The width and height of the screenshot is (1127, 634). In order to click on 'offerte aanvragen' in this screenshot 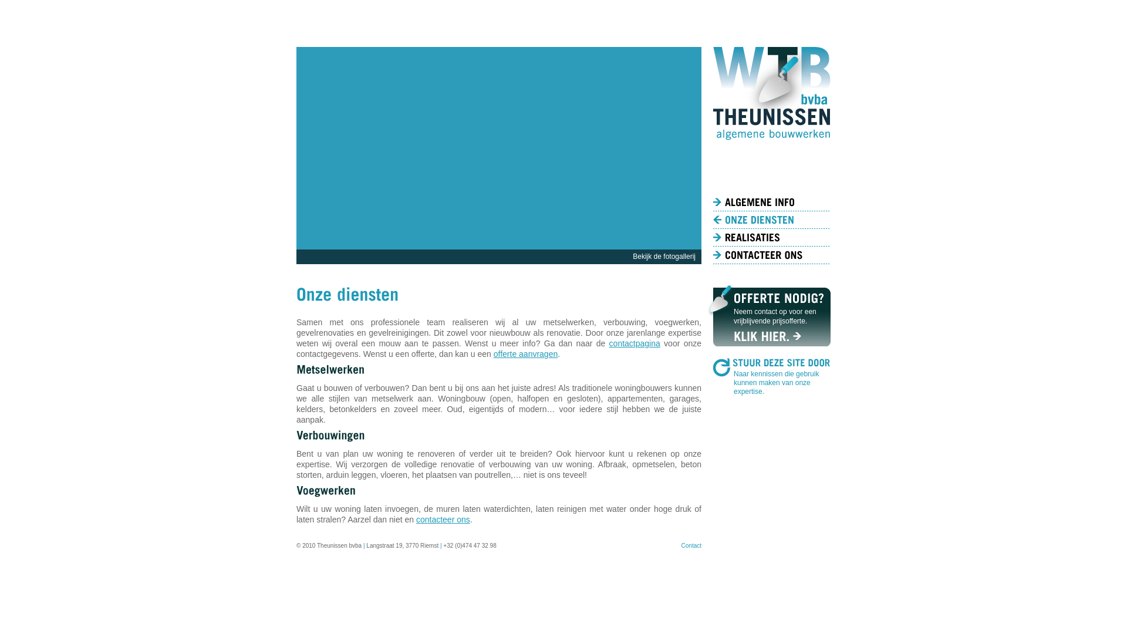, I will do `click(525, 353)`.